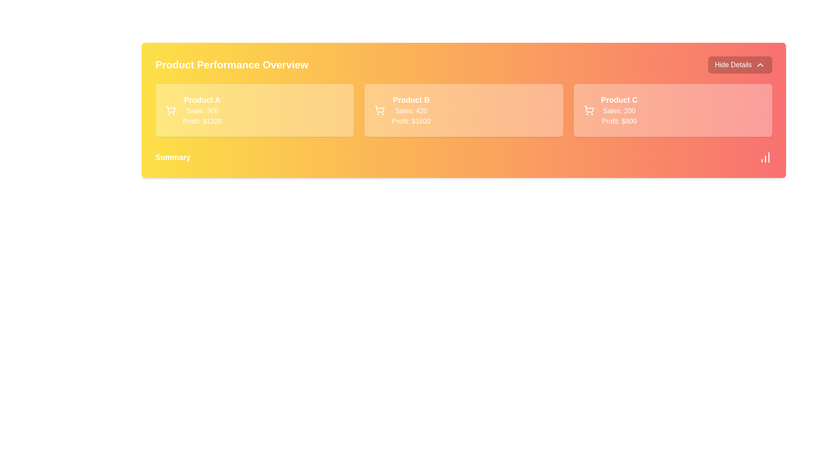 The height and width of the screenshot is (462, 822). What do you see at coordinates (672, 110) in the screenshot?
I see `the Card component displaying 'Product C' with sales and profit details, located in the top-right corner of the grid in the 'Product Performance Overview' section` at bounding box center [672, 110].